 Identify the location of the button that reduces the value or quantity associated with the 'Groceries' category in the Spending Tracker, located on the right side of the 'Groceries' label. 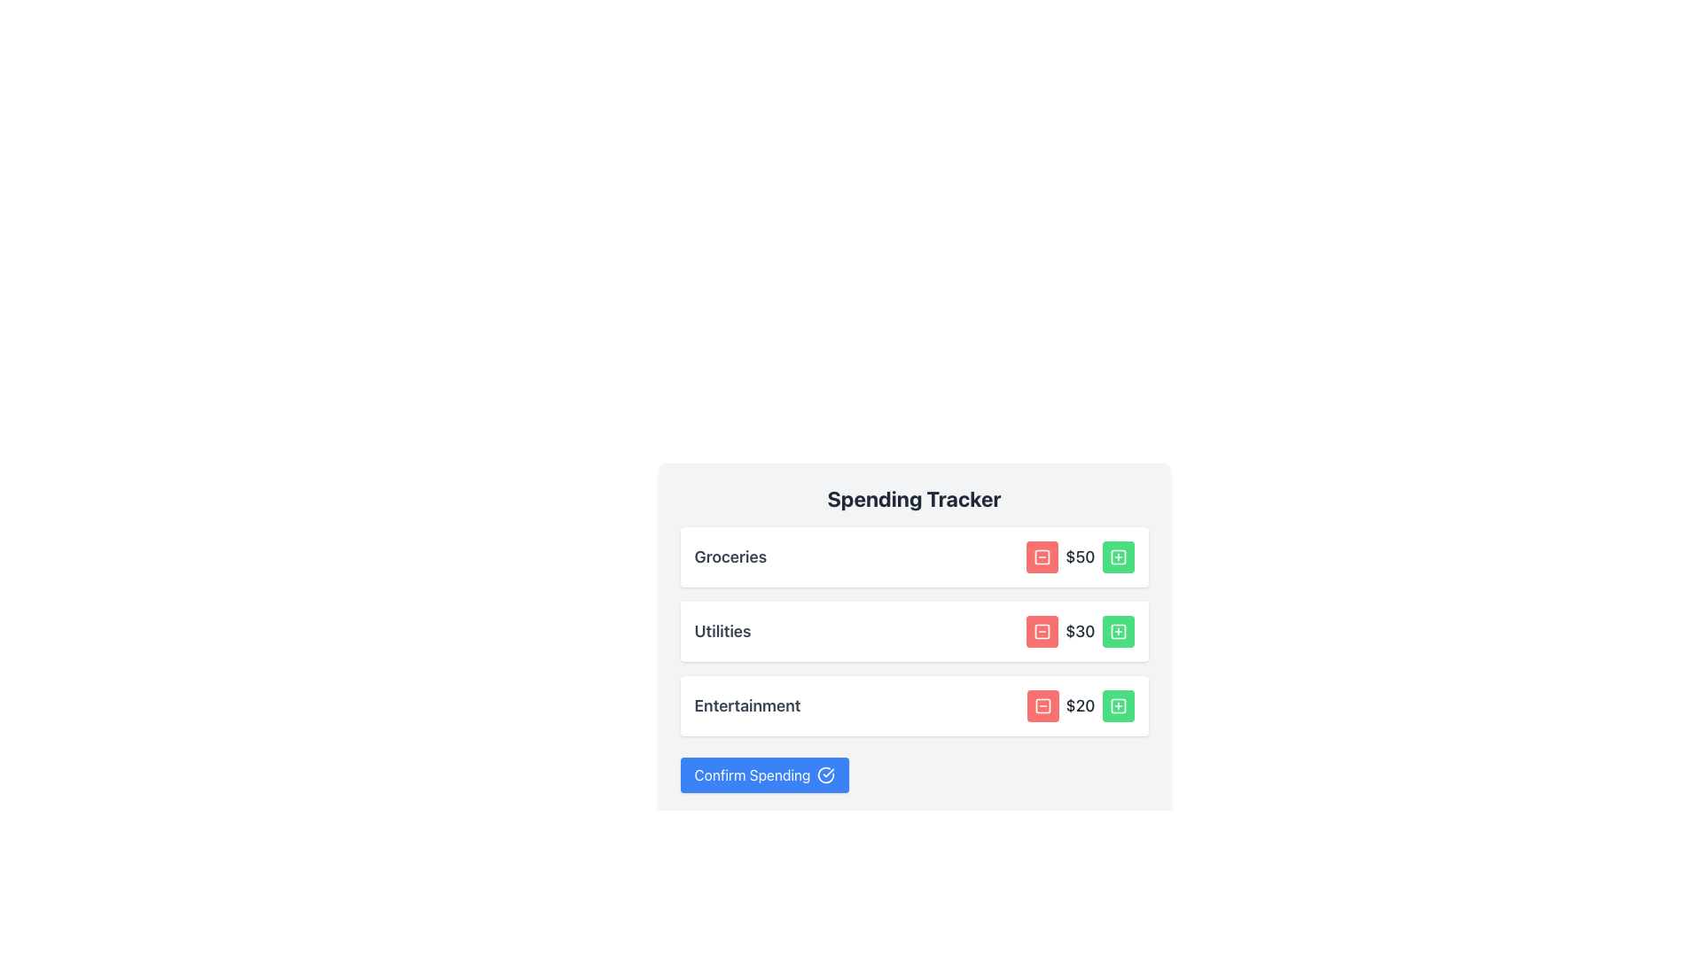
(1042, 556).